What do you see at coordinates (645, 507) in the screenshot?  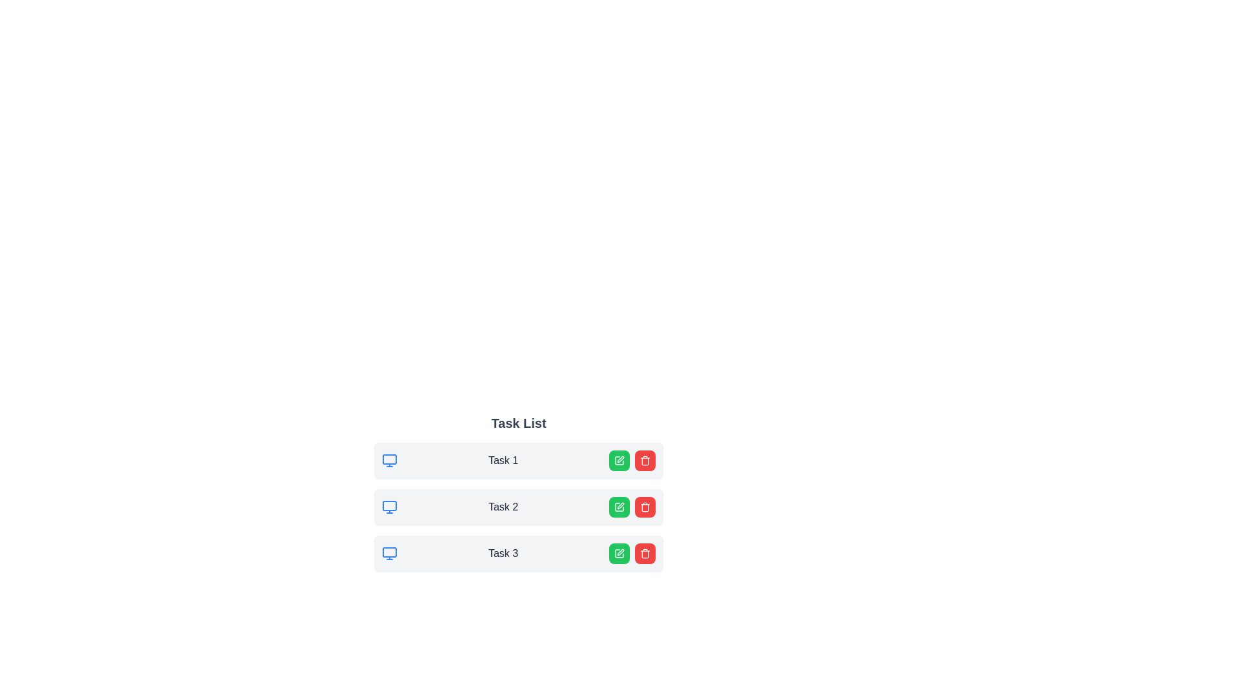 I see `the red rounded rectangle button with a white trashcan icon to observe the hover effect` at bounding box center [645, 507].